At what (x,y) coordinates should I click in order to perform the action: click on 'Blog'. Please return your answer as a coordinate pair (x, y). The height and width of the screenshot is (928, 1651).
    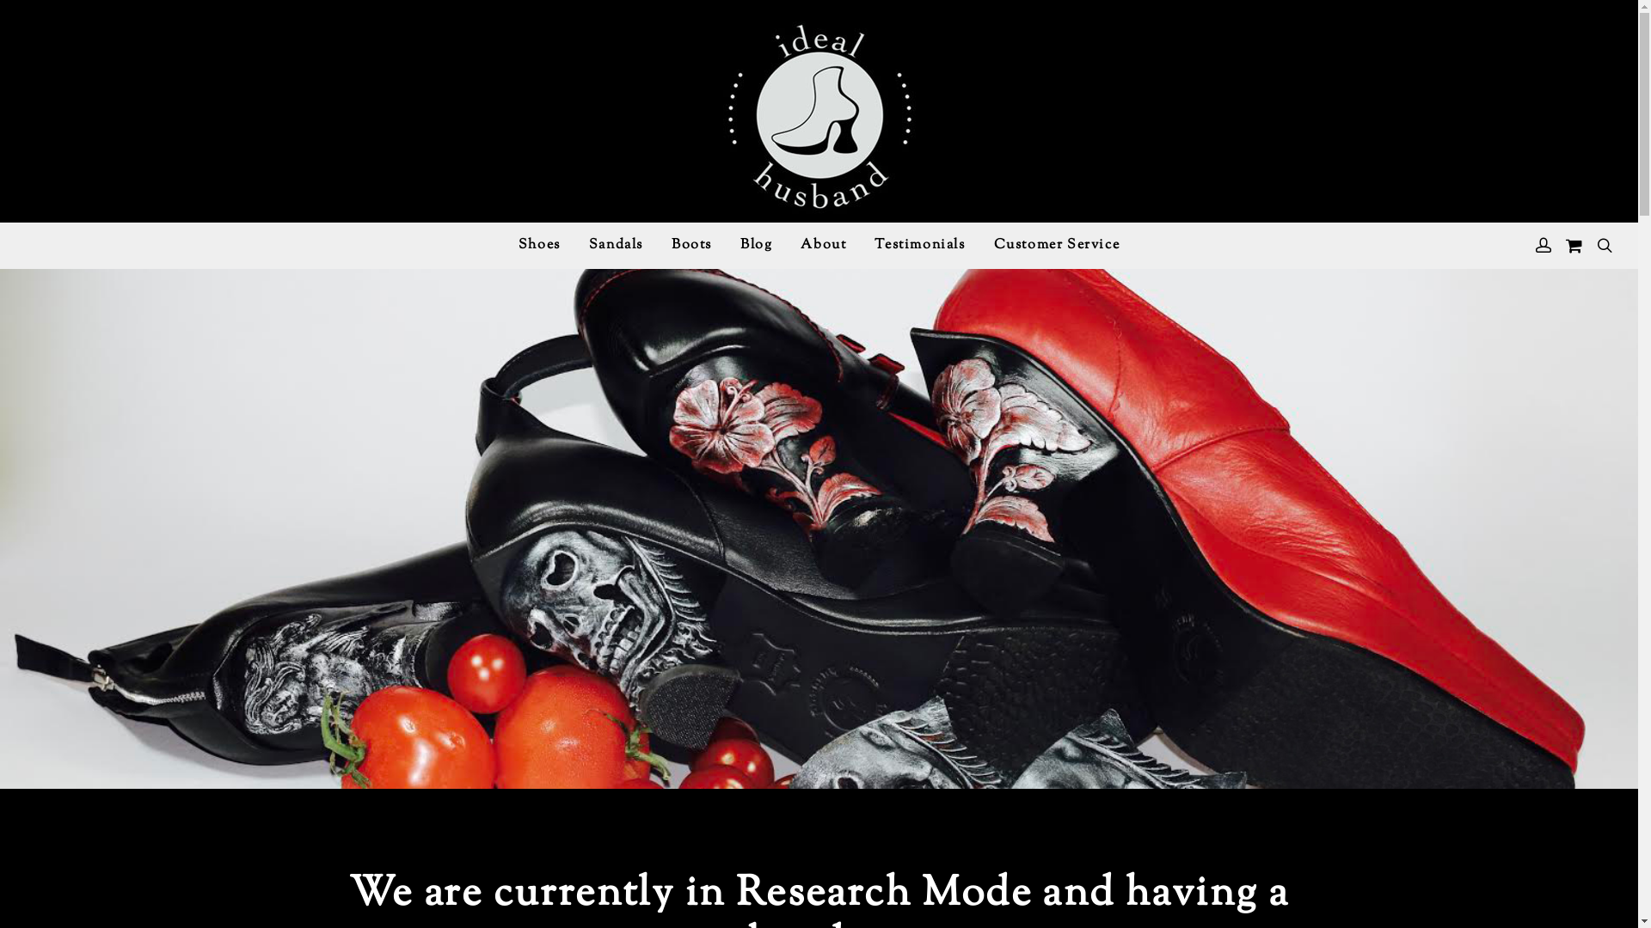
    Looking at the image, I should click on (740, 245).